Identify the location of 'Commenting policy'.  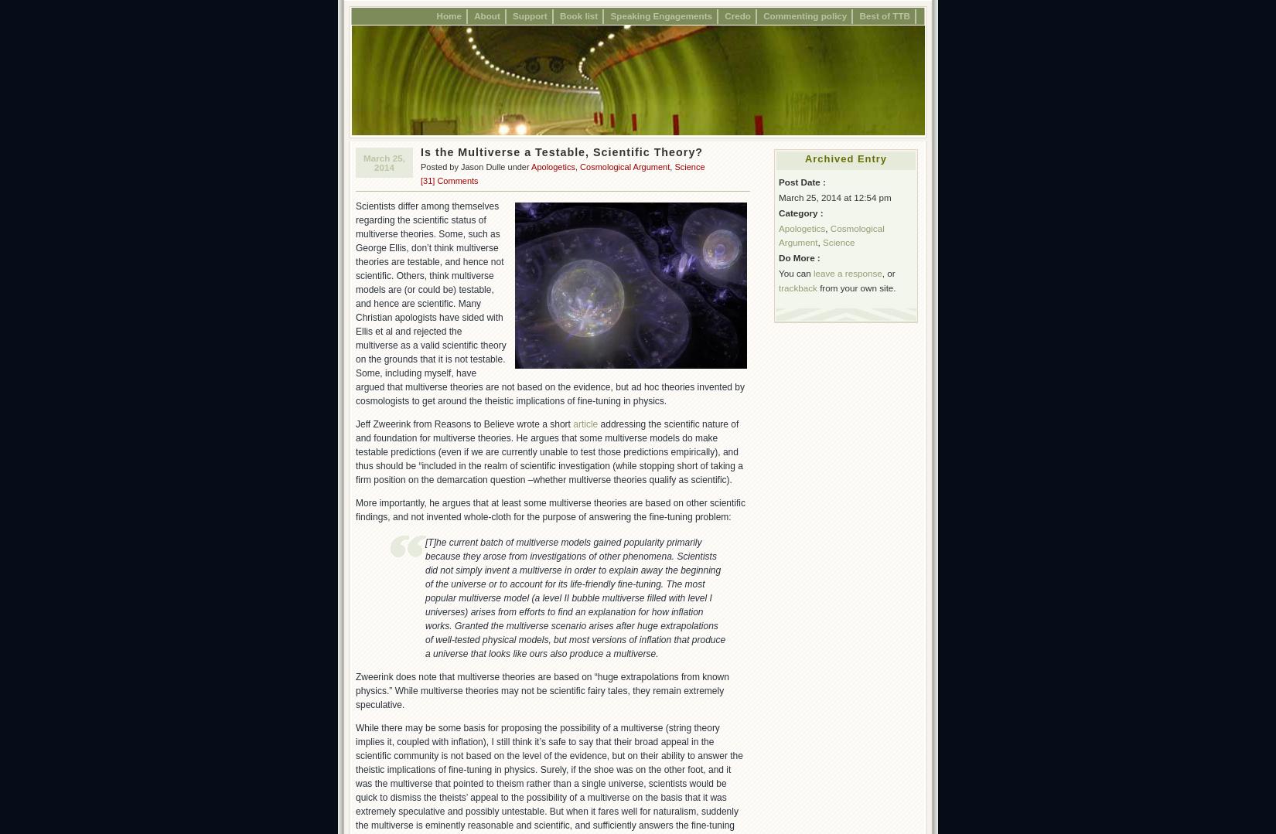
(804, 15).